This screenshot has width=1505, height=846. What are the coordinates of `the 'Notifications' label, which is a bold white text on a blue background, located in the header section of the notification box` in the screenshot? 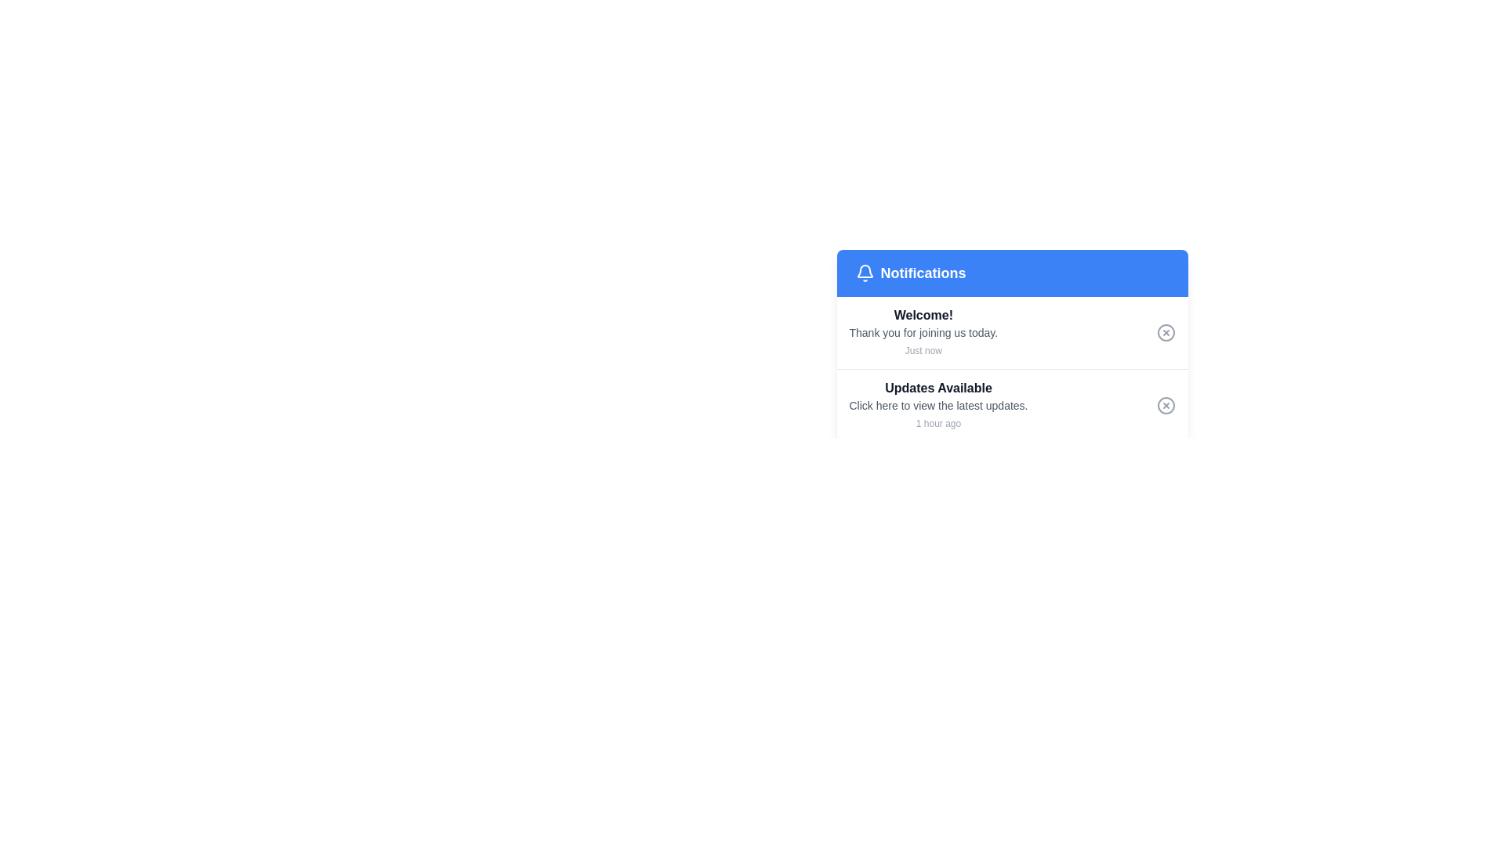 It's located at (923, 272).